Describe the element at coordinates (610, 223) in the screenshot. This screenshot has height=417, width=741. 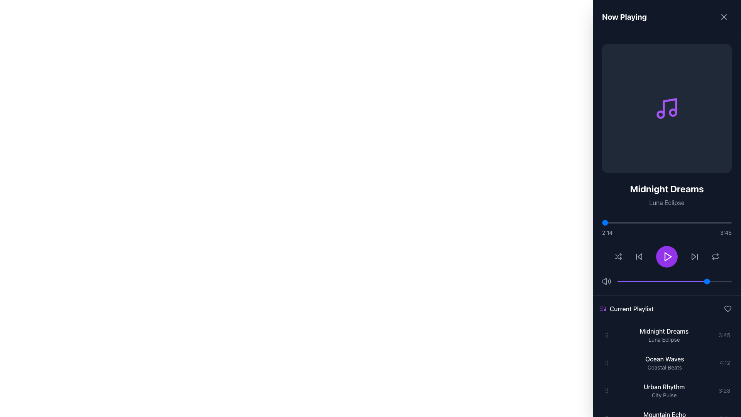
I see `playback position` at that location.